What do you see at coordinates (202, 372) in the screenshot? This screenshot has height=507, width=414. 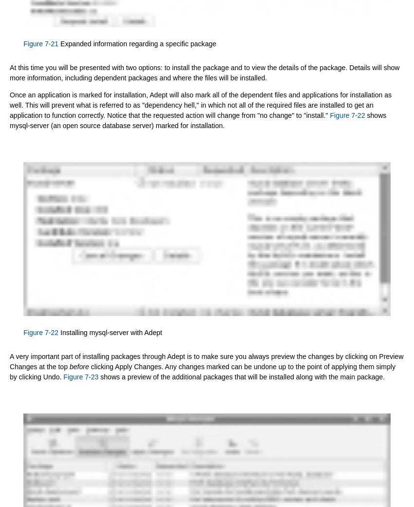 I see `'clicking Apply Changes. Any changes marked can be undone up to the point of applying them simply by clicking Undo.'` at bounding box center [202, 372].